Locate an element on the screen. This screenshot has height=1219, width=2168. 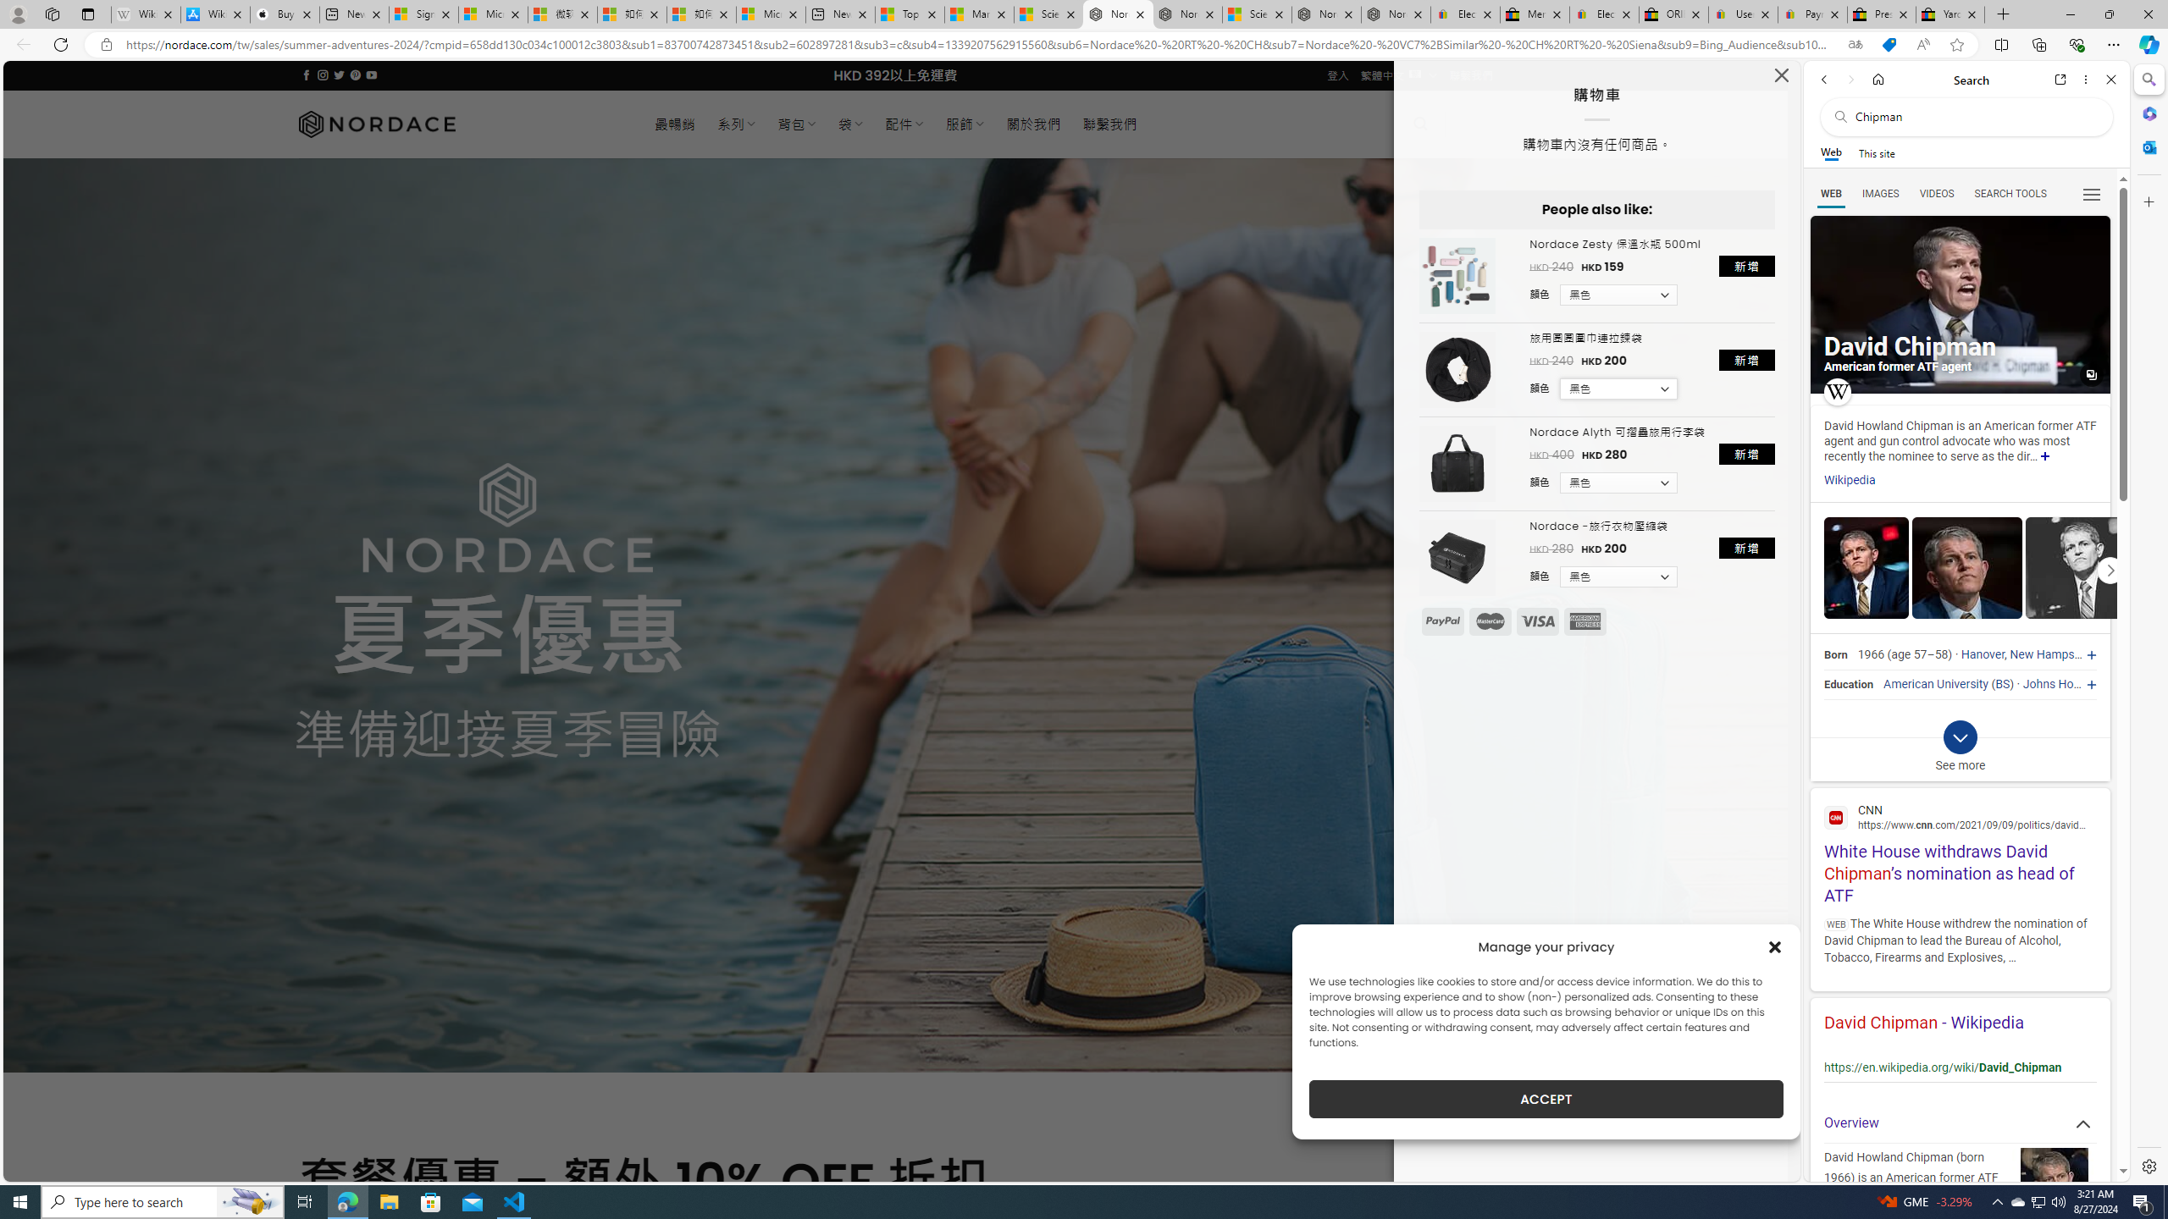
'Follow on Instagram' is located at coordinates (322, 74).